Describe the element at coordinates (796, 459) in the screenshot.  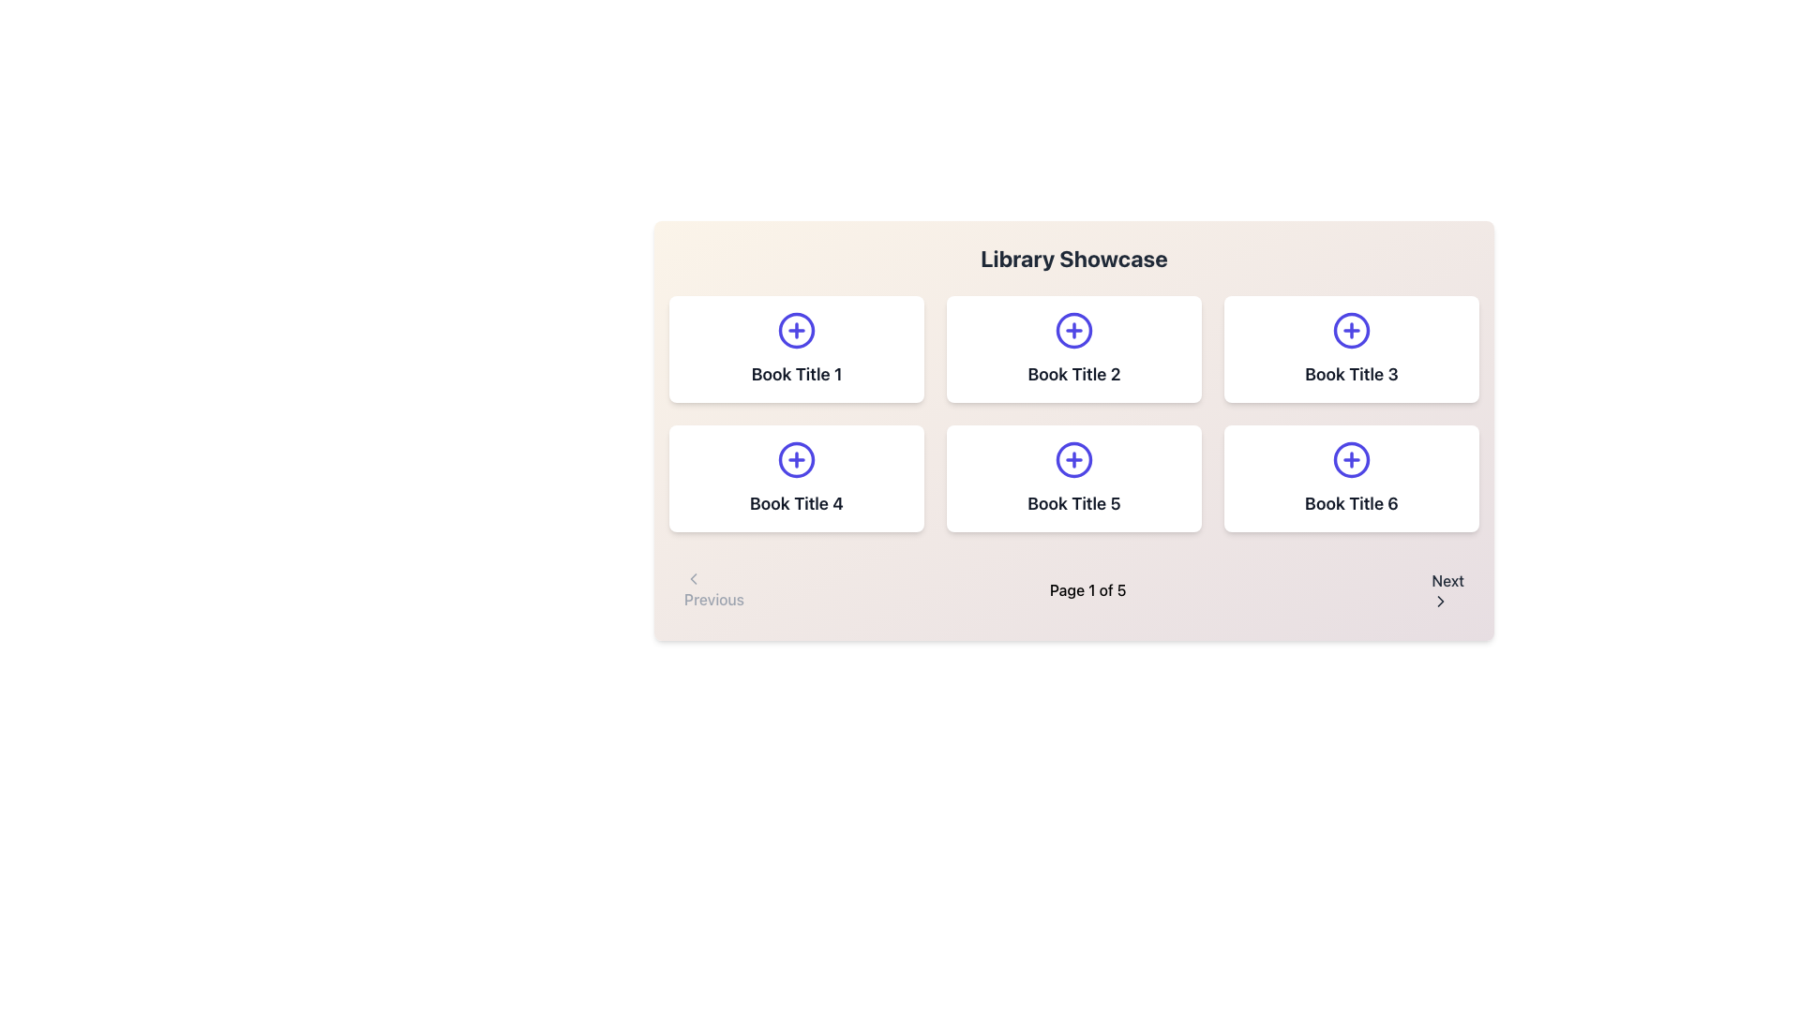
I see `the action button labeled 'Book Title 4'` at that location.